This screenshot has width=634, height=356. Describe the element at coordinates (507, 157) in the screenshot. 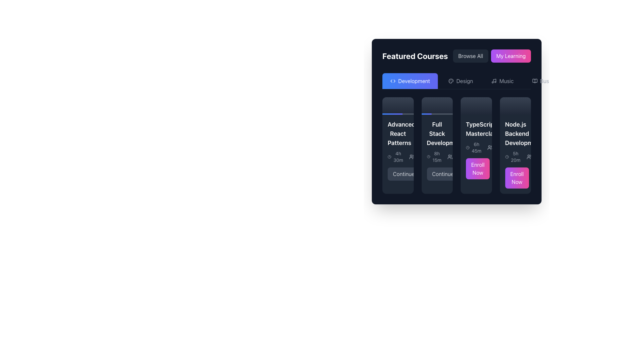

I see `the decorative SVG circle within the clock icon that is part of the 'Node.js Backend Development' course card` at that location.